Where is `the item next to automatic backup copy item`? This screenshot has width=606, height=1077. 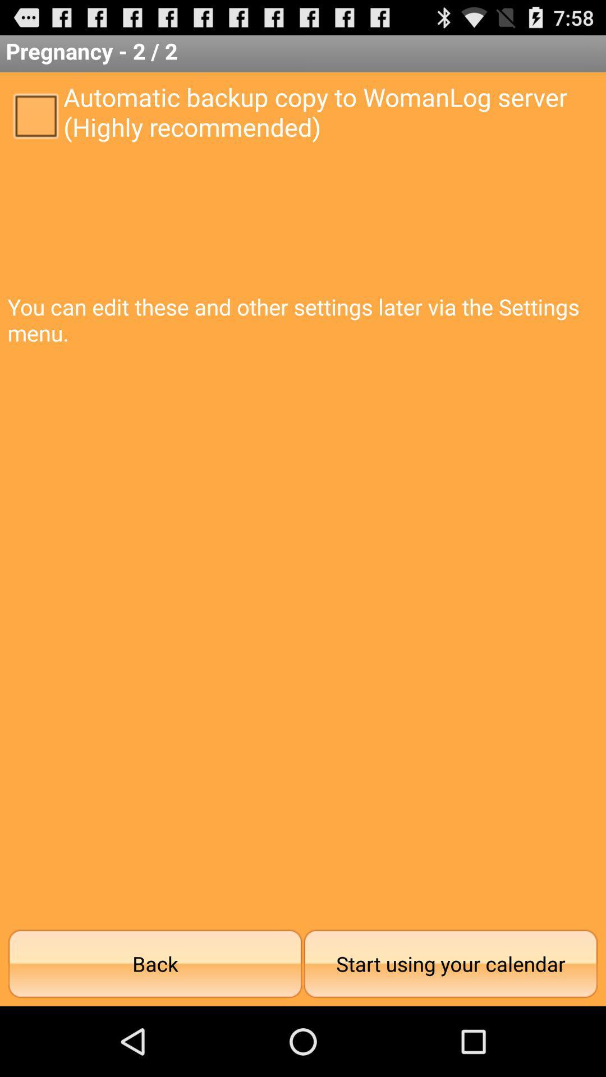 the item next to automatic backup copy item is located at coordinates (35, 115).